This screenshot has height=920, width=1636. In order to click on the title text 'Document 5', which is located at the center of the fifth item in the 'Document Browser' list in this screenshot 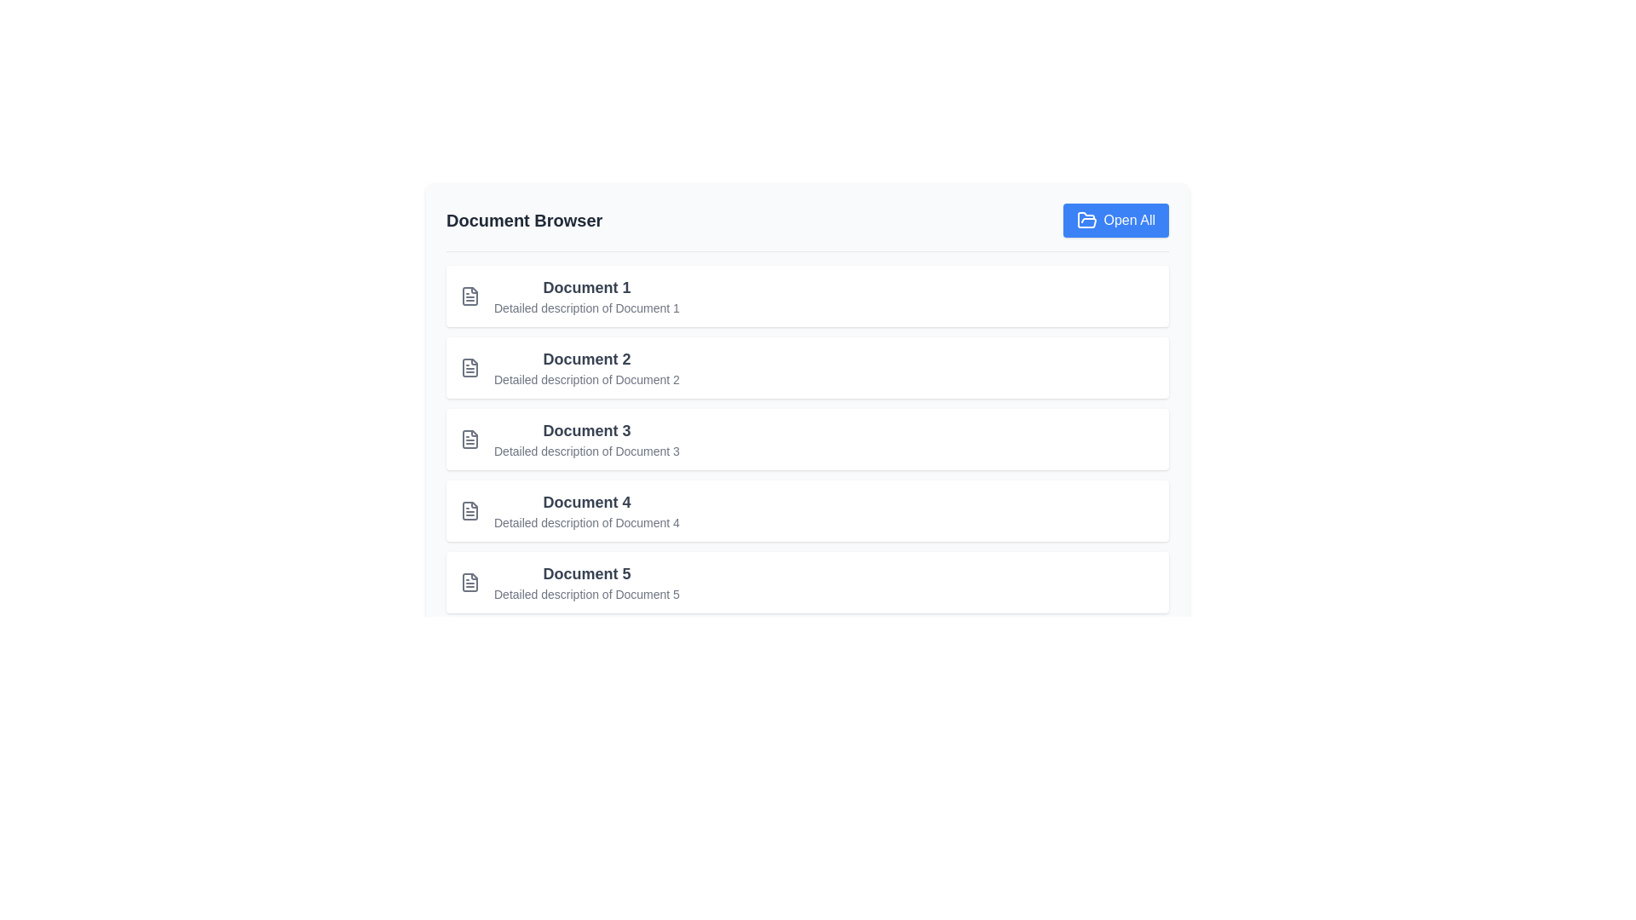, I will do `click(586, 574)`.